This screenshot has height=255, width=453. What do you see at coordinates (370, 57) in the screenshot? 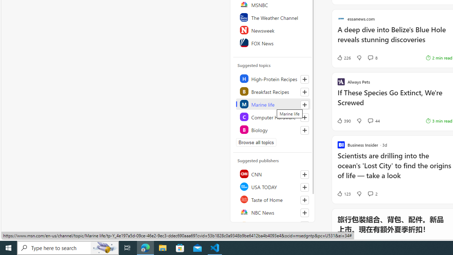
I see `'View comments 8 Comment'` at bounding box center [370, 57].